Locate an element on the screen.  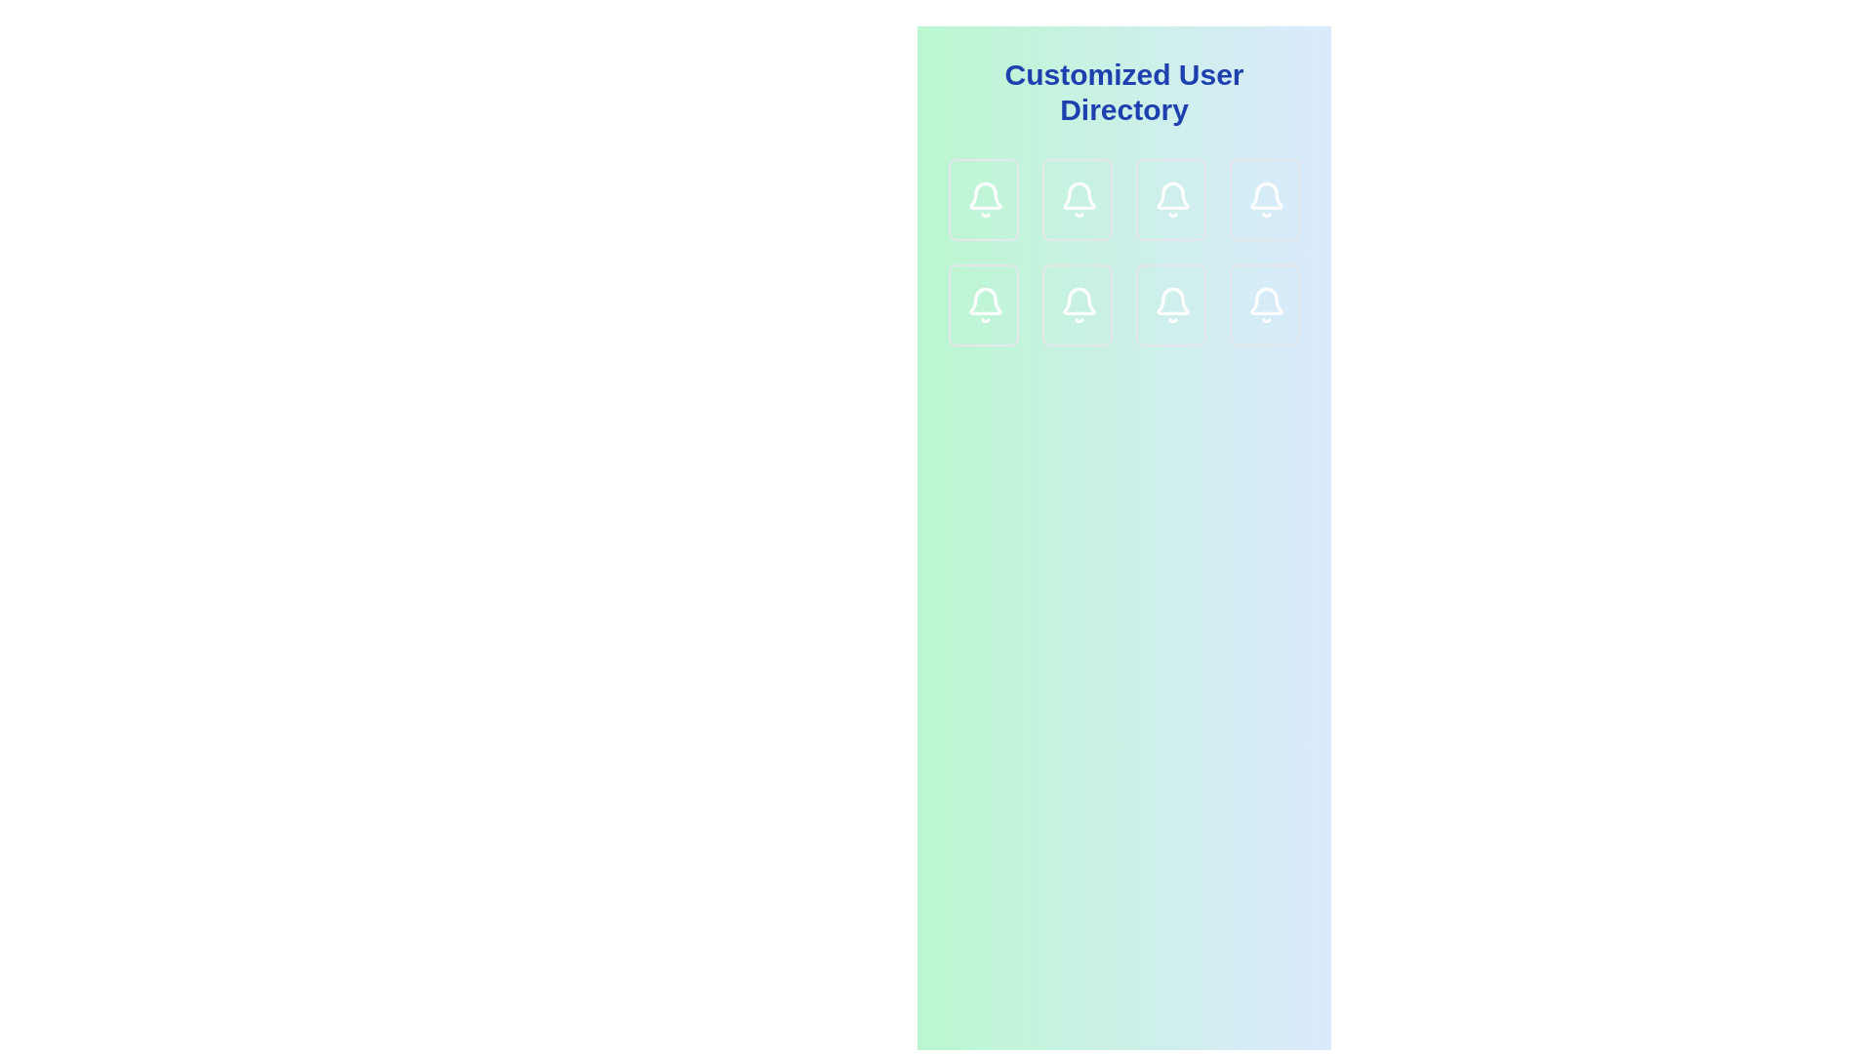
the decorative bell icon located in the second column of the first row of a 3x3 grid, which serves to represent notifications or alerts is located at coordinates (1078, 199).